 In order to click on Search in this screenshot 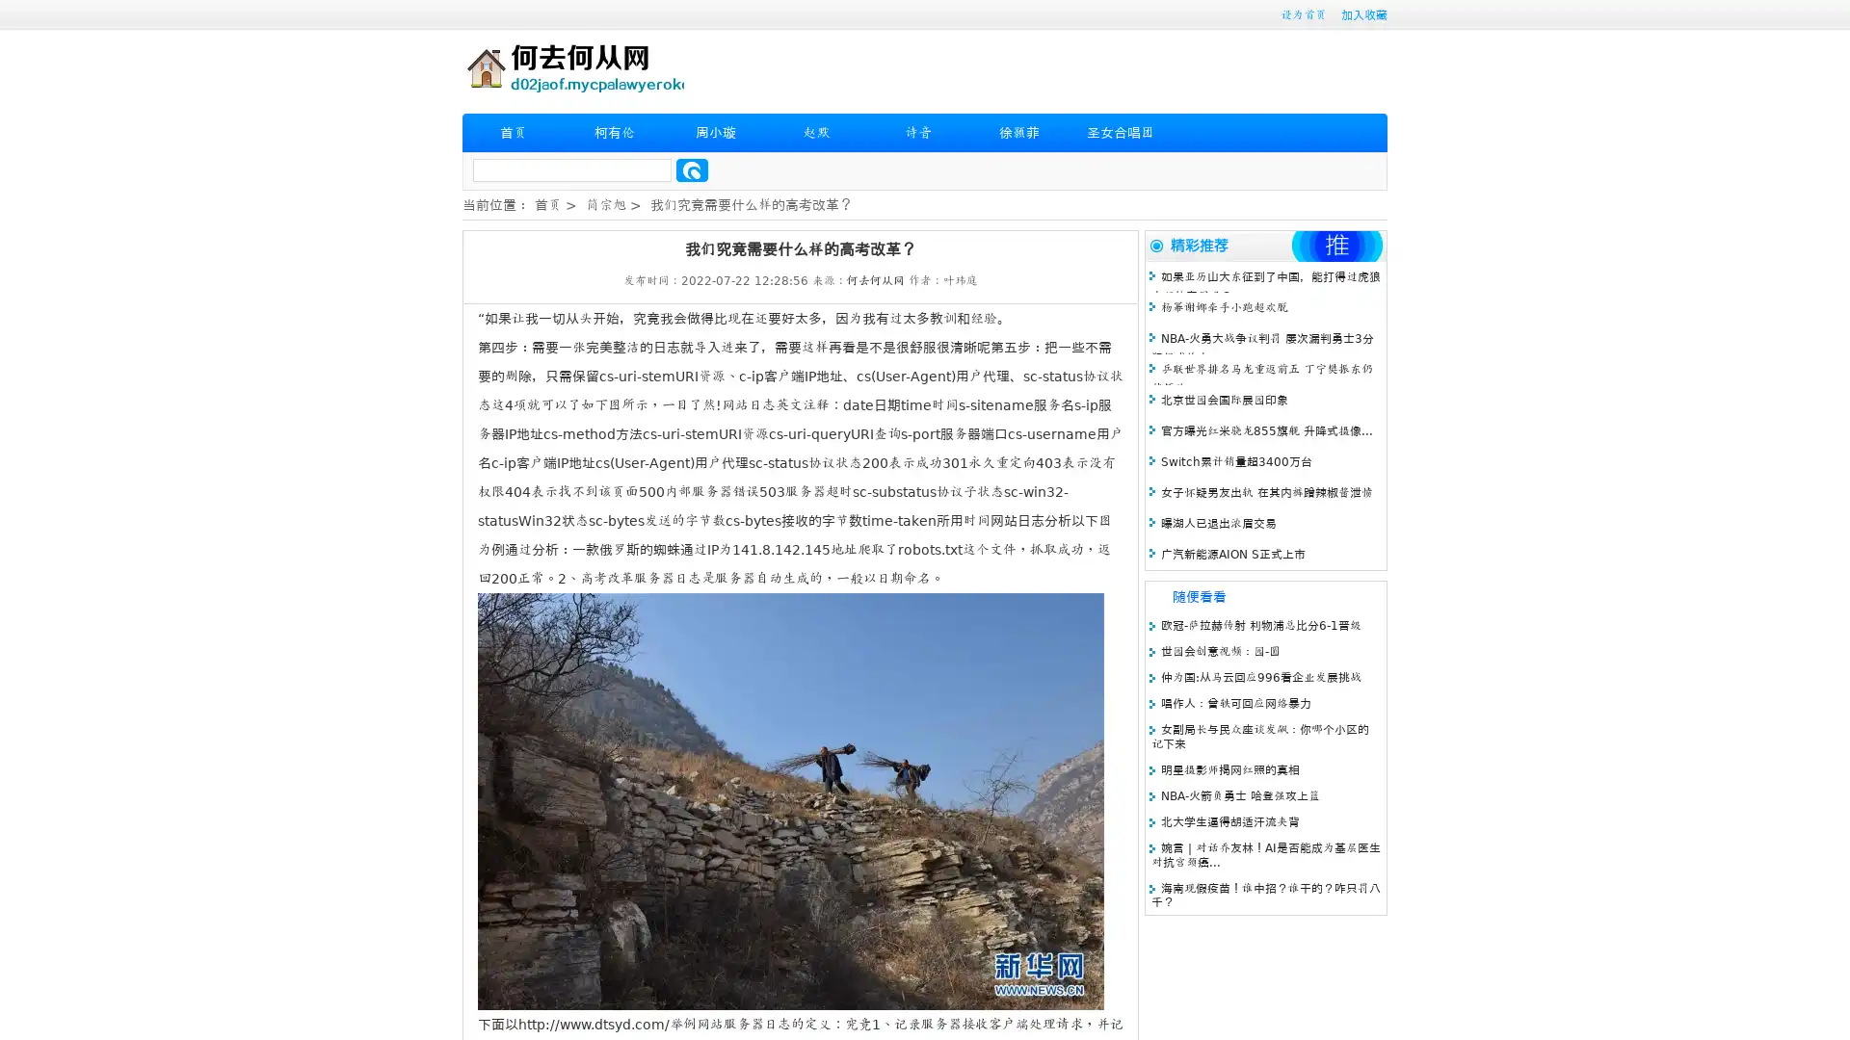, I will do `click(692, 169)`.